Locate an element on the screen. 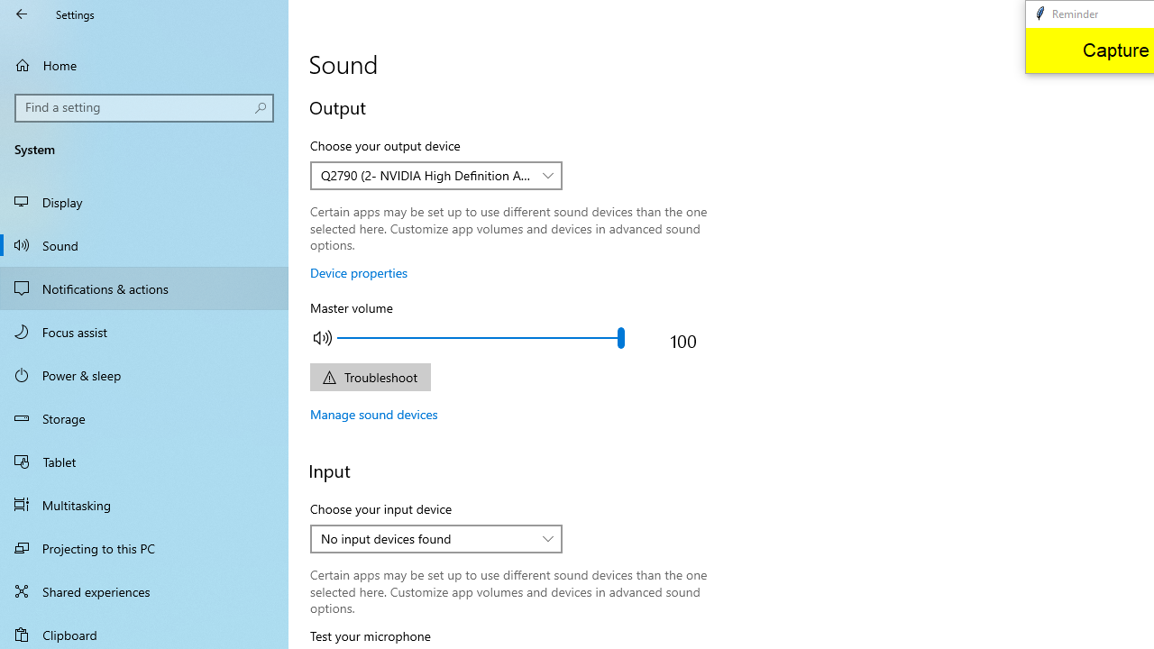 The width and height of the screenshot is (1154, 649). 'Focus assist' is located at coordinates (144, 331).